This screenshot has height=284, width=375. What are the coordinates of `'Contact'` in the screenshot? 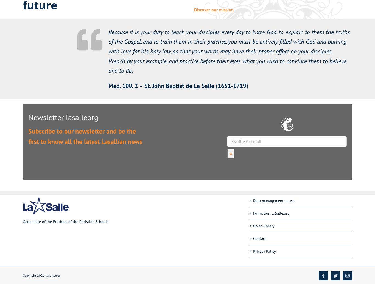 It's located at (259, 238).